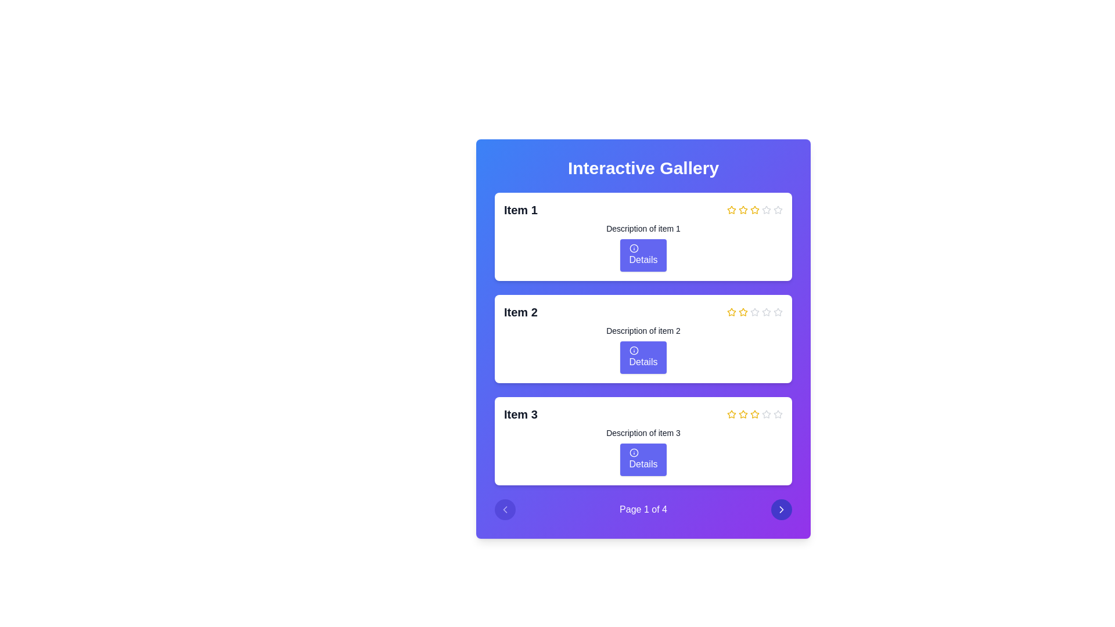 This screenshot has height=627, width=1115. I want to click on text content of the status bar label displaying 'Page 1 of 4', which is centered at the bottom of the 'Interactive Gallery' card component between two circular navigation buttons, so click(643, 509).